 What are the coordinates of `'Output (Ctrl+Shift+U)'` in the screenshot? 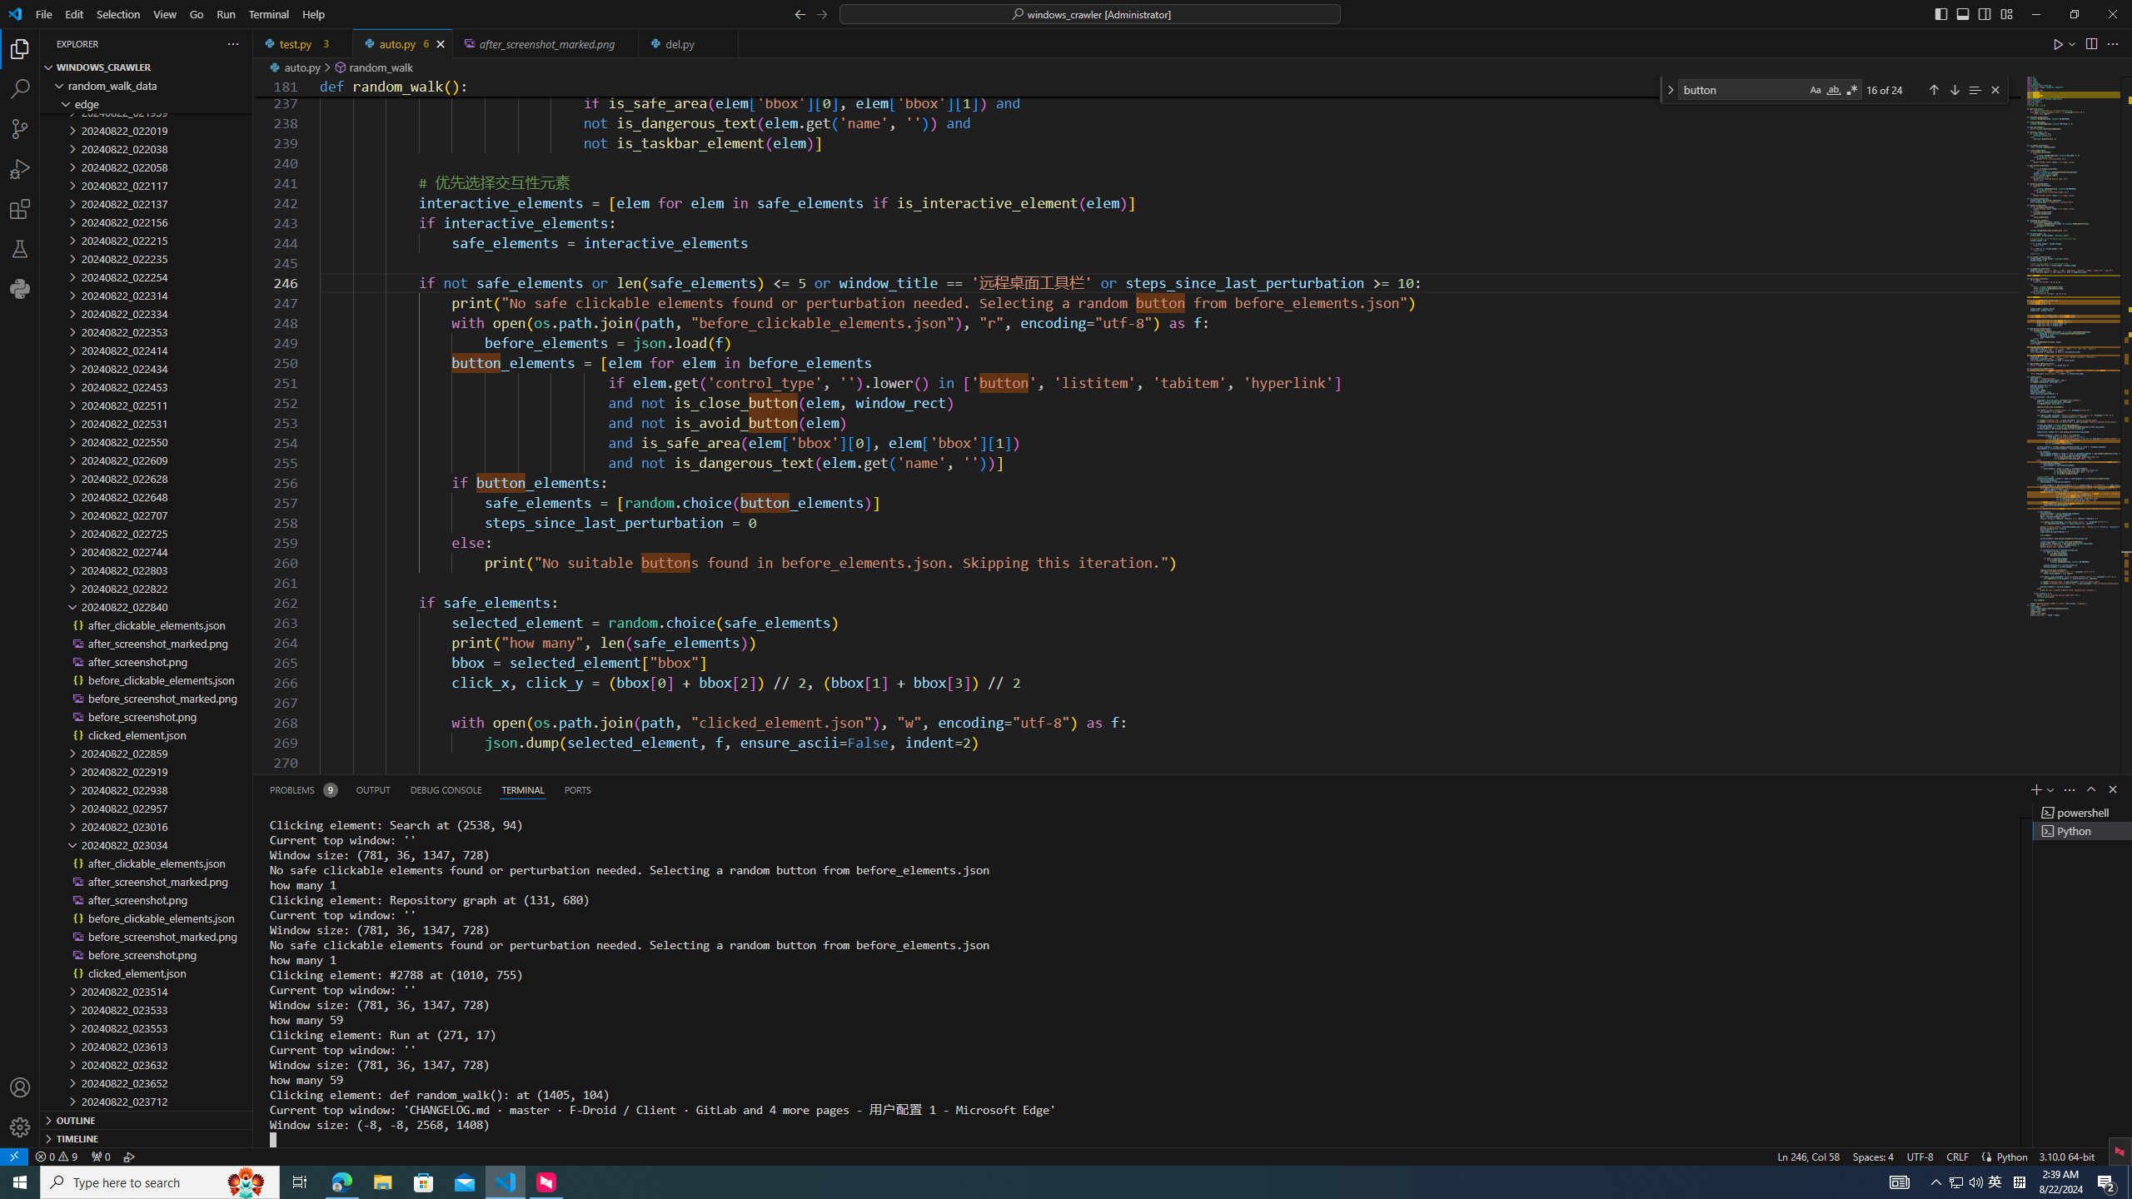 It's located at (373, 789).